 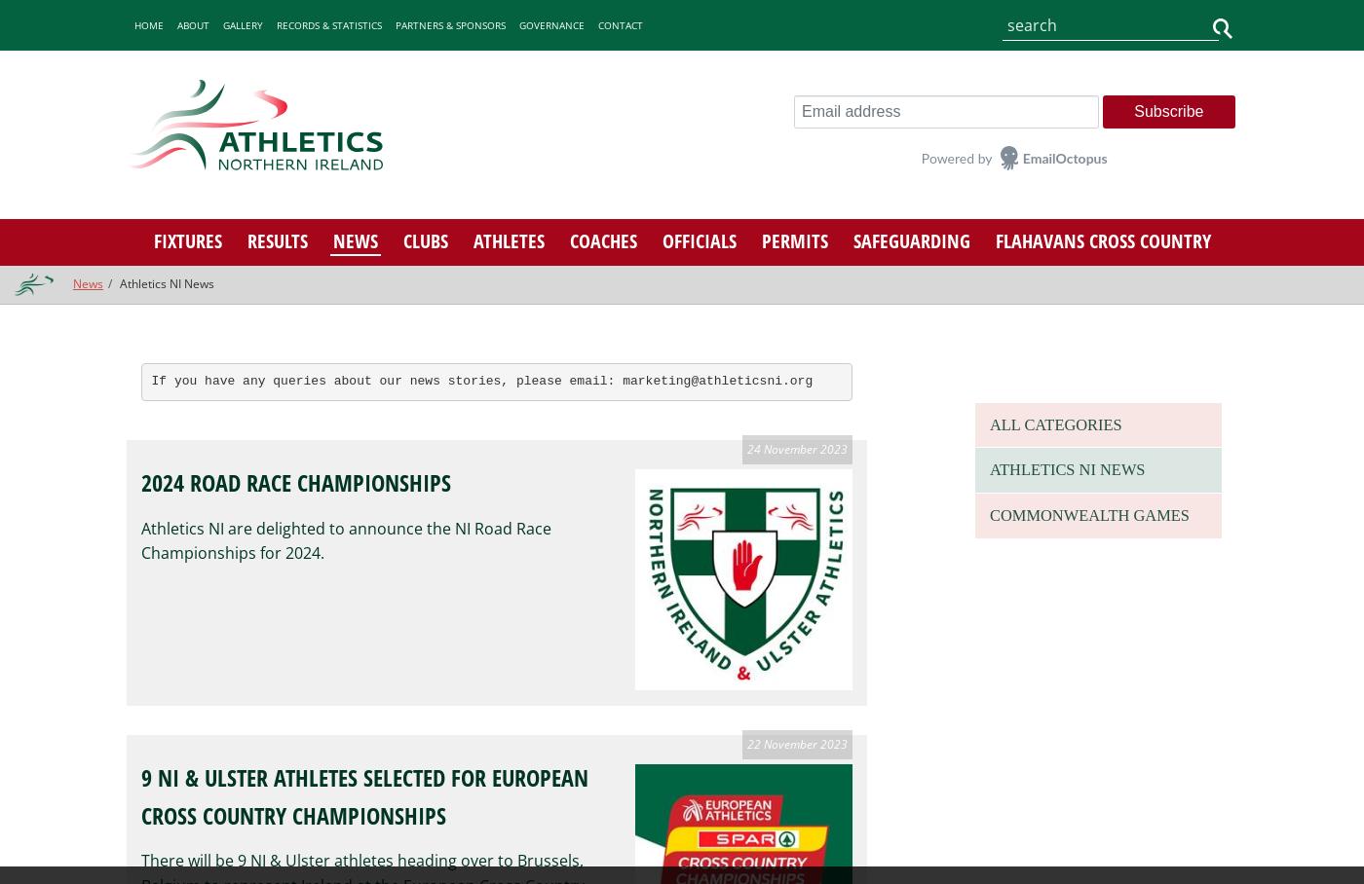 What do you see at coordinates (995, 239) in the screenshot?
I see `'Flahavans Cross Country'` at bounding box center [995, 239].